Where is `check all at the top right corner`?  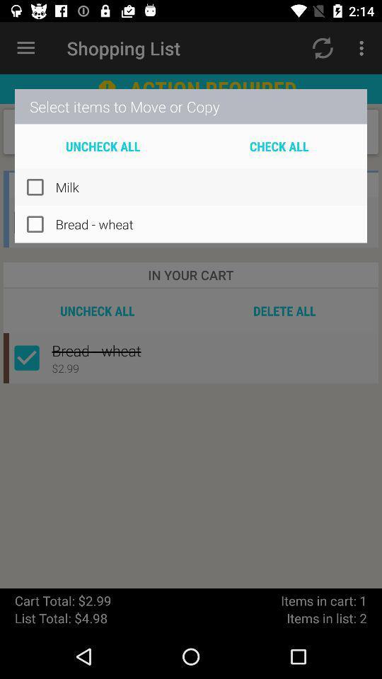 check all at the top right corner is located at coordinates (279, 146).